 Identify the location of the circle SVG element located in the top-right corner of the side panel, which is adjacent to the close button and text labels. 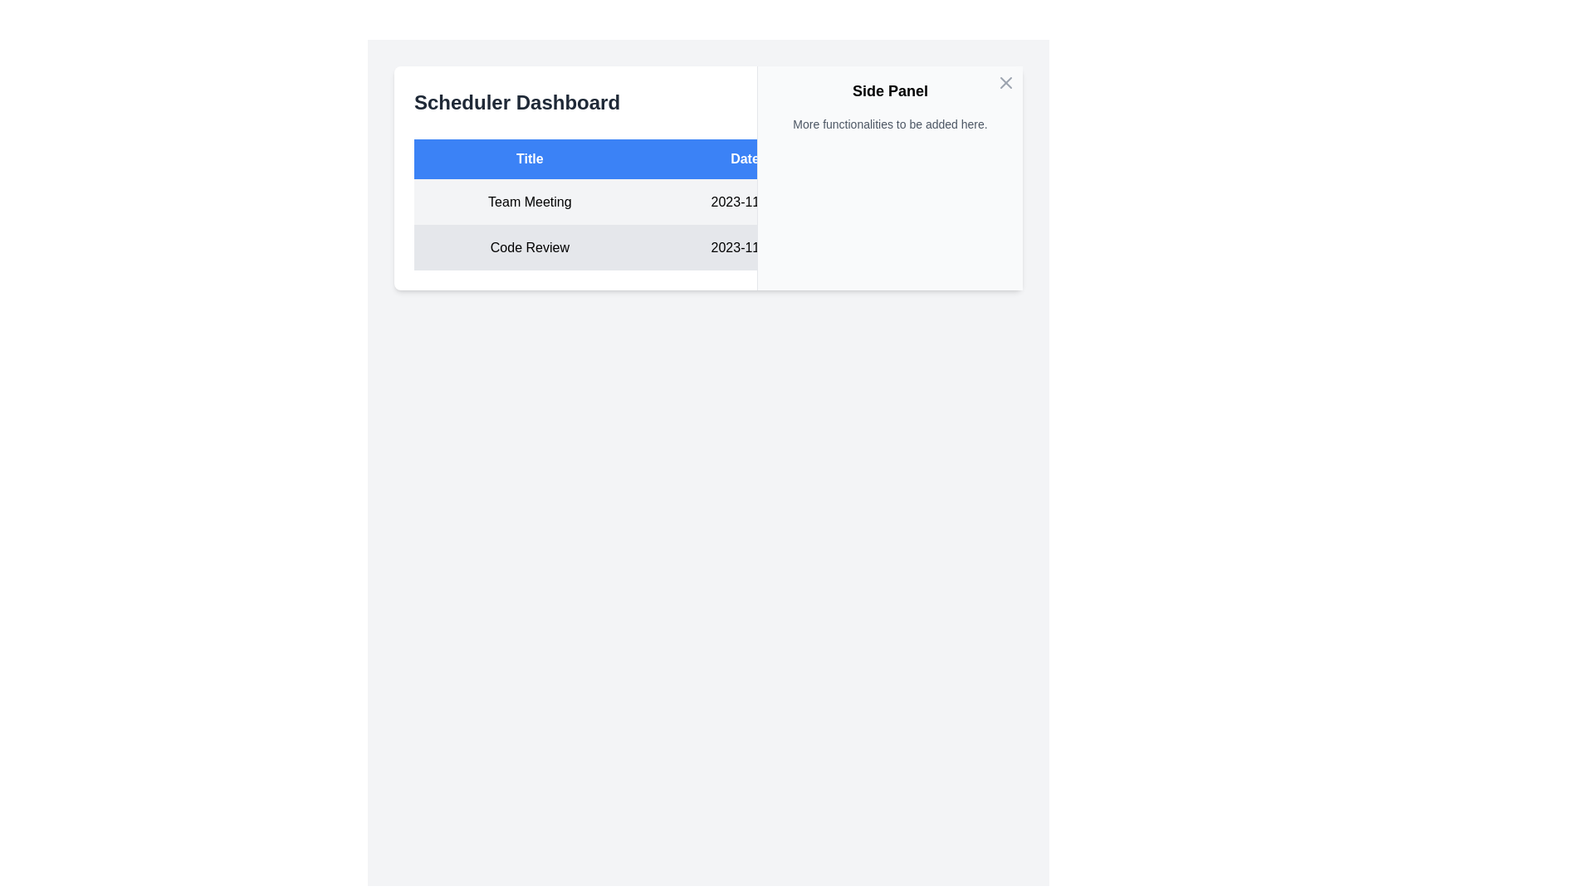
(911, 102).